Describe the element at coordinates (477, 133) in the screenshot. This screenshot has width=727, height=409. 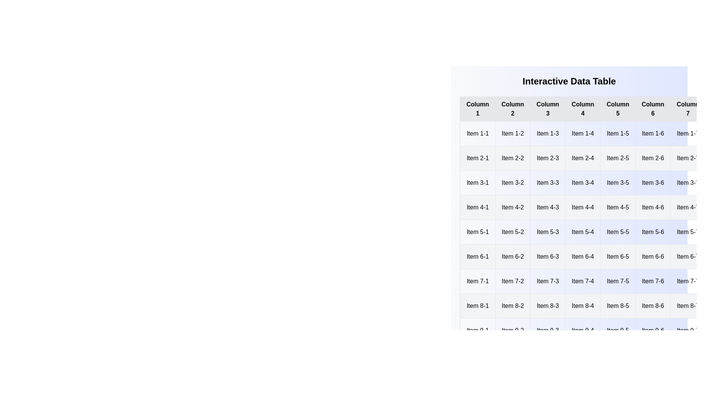
I see `the cell labeled 'Item 1-1' to open its context menu` at that location.